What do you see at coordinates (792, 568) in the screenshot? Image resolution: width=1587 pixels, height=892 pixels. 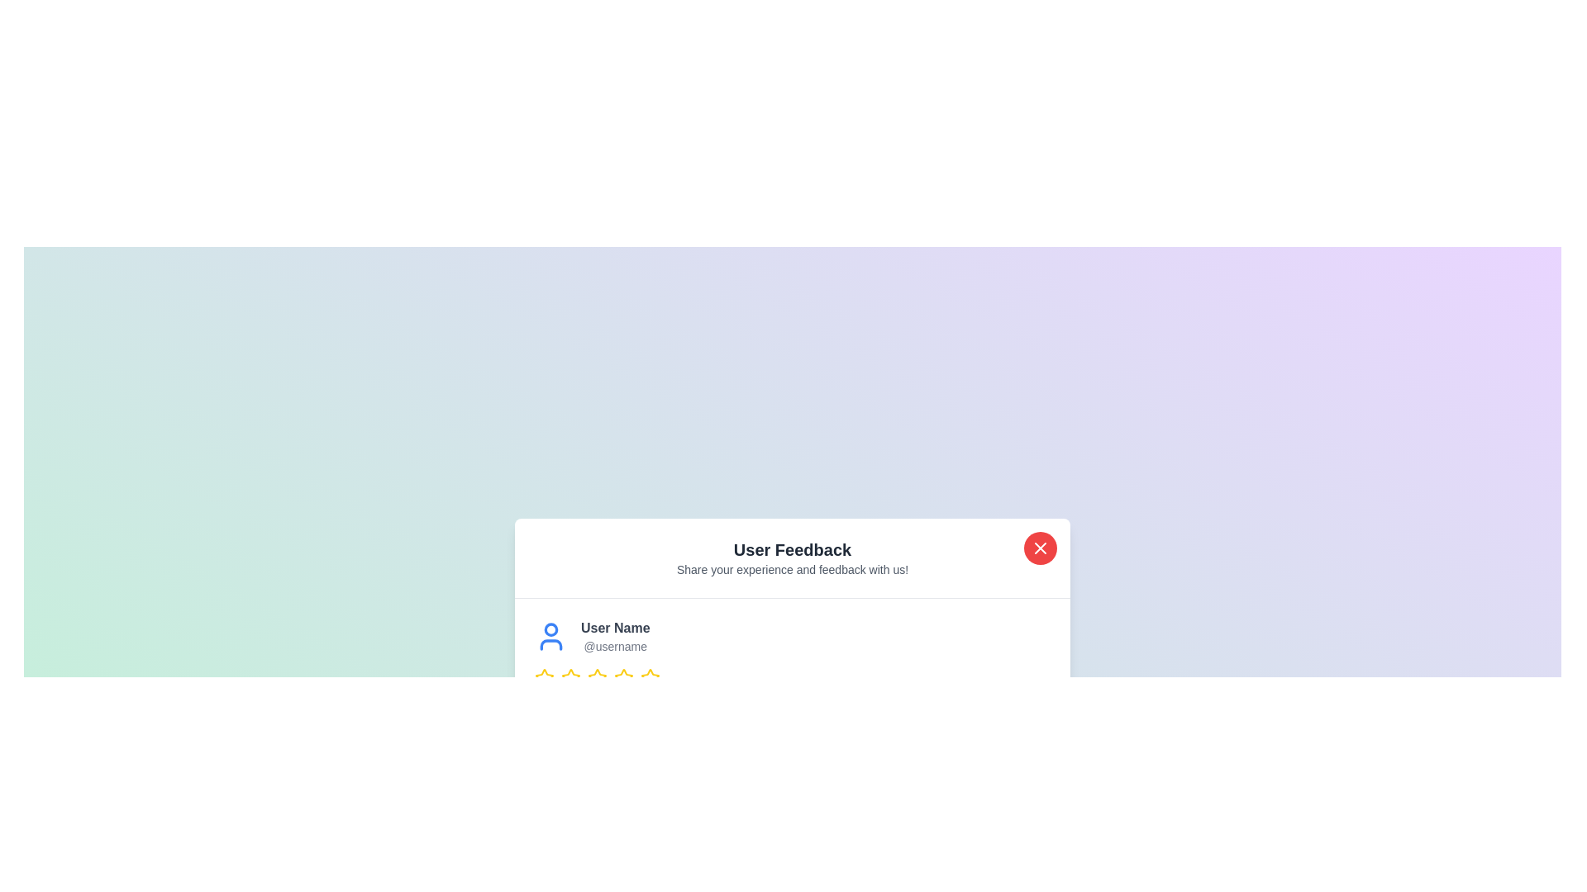 I see `the text display element that provides encouragement for user feedback, located directly underneath the 'User Feedback' header` at bounding box center [792, 568].